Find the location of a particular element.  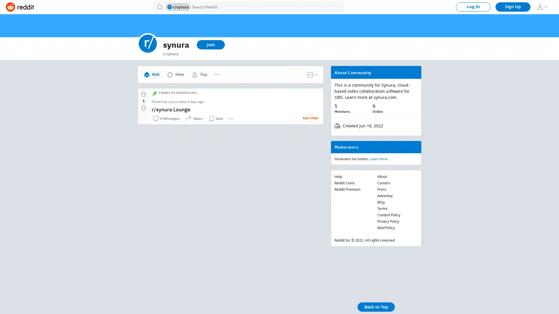

Top is located at coordinates (199, 74).